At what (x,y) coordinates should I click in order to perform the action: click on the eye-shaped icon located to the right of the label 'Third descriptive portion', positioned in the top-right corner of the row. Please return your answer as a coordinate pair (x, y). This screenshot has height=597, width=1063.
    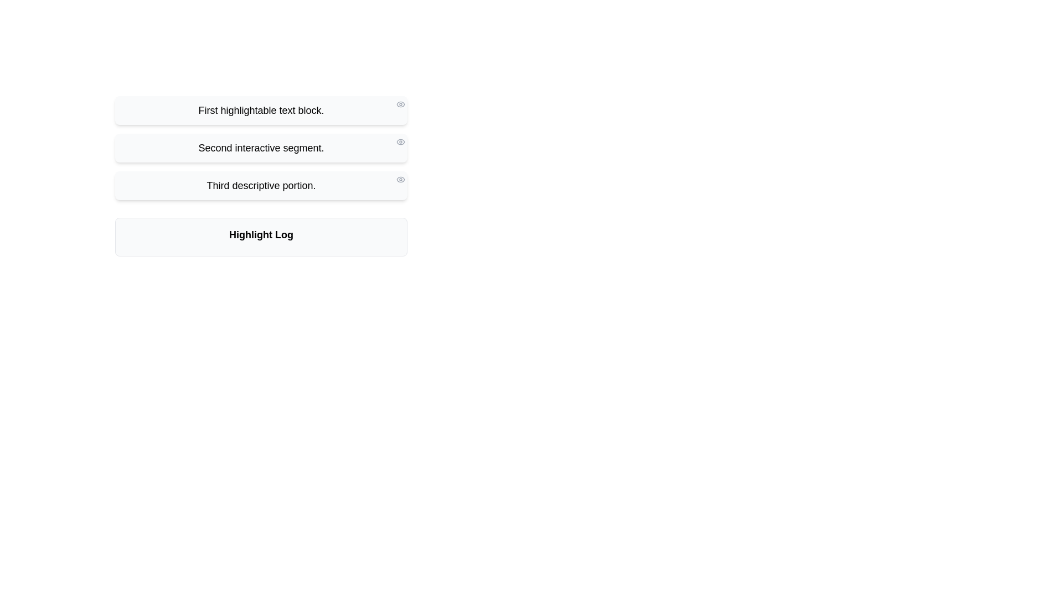
    Looking at the image, I should click on (400, 179).